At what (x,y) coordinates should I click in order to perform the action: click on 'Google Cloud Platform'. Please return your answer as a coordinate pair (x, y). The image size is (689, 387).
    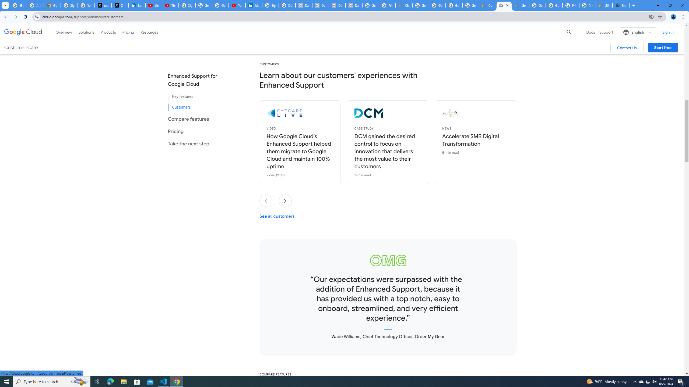
    Looking at the image, I should click on (537, 5).